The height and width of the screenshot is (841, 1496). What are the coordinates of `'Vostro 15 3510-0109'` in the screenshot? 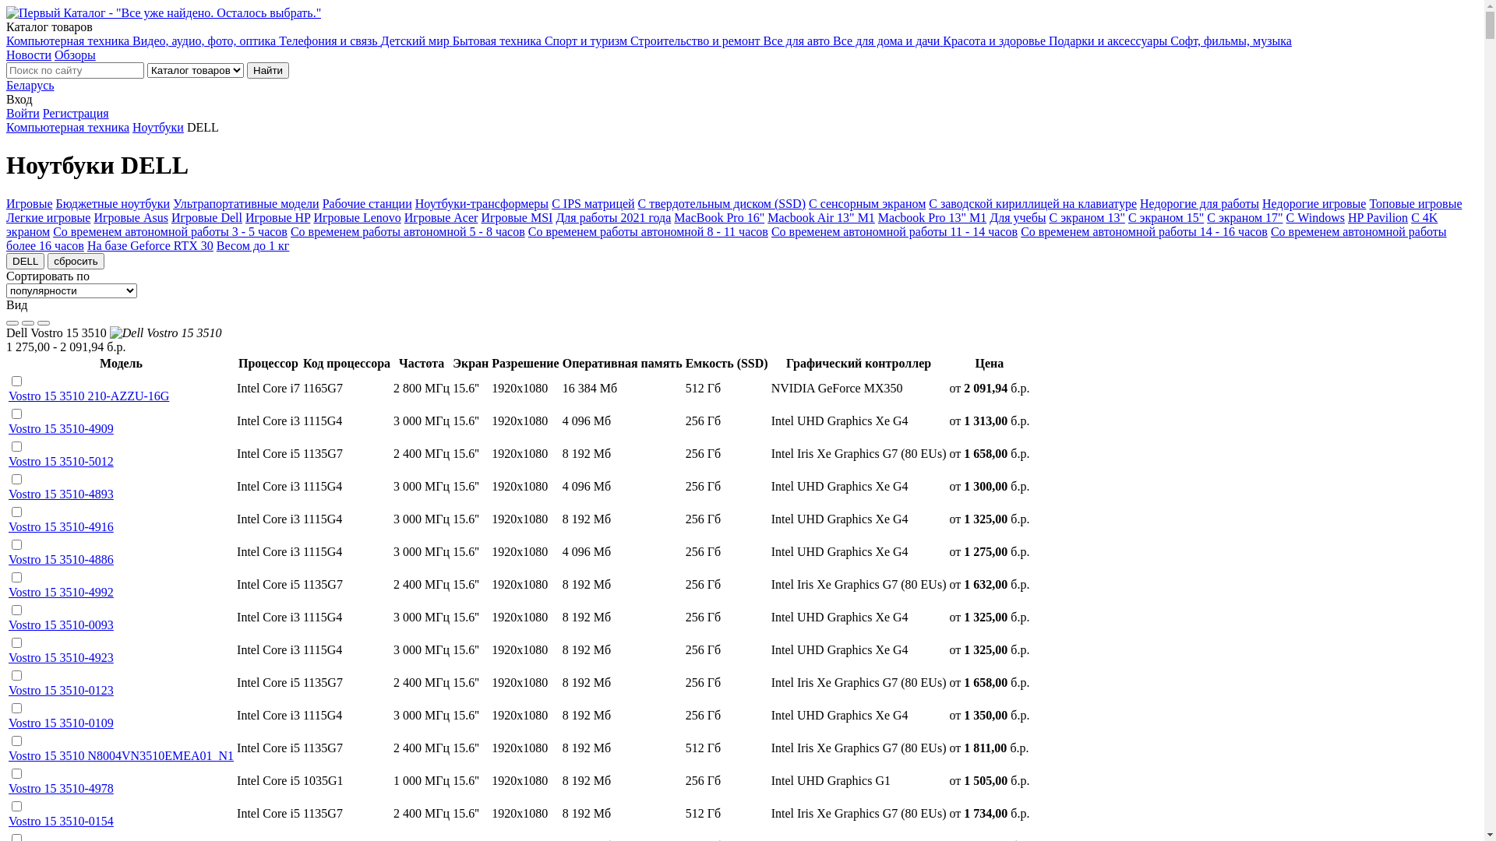 It's located at (61, 723).